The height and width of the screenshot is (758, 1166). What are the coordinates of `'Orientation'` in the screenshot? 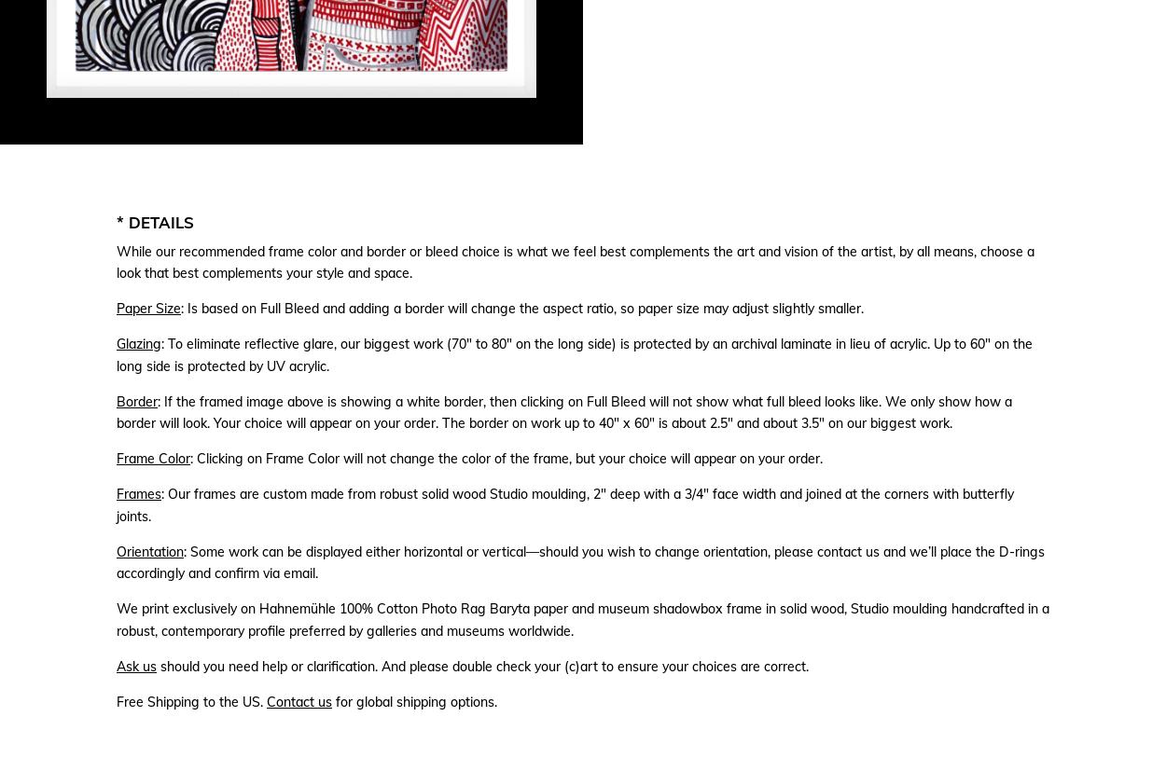 It's located at (150, 550).